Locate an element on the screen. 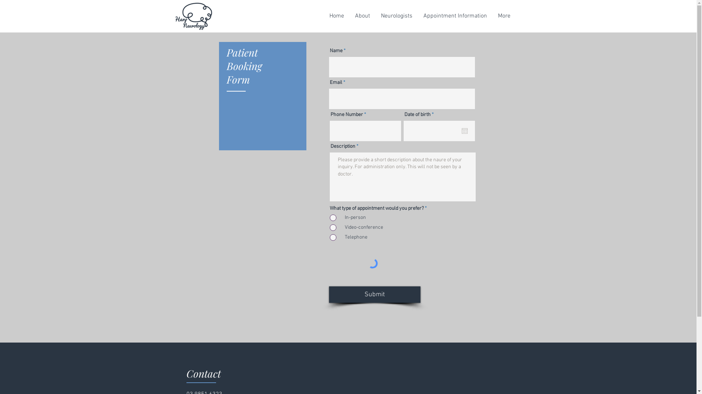  'Home' is located at coordinates (336, 16).